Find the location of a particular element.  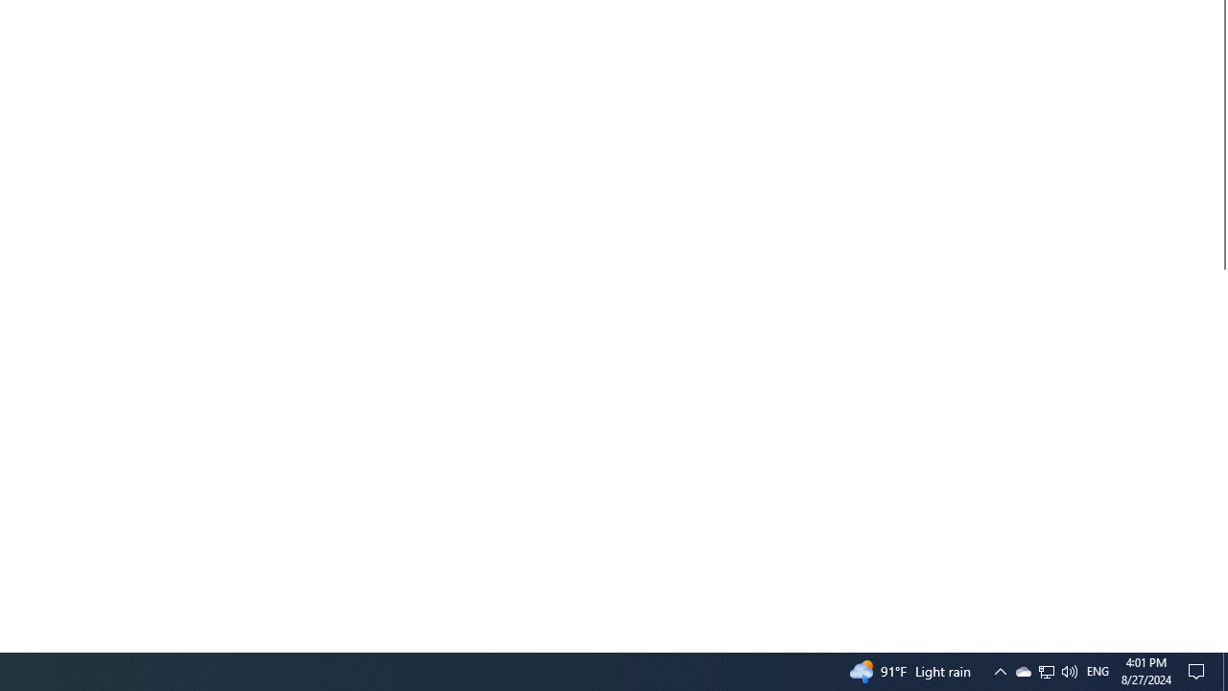

'Vertical Small Increase' is located at coordinates (1219, 644).